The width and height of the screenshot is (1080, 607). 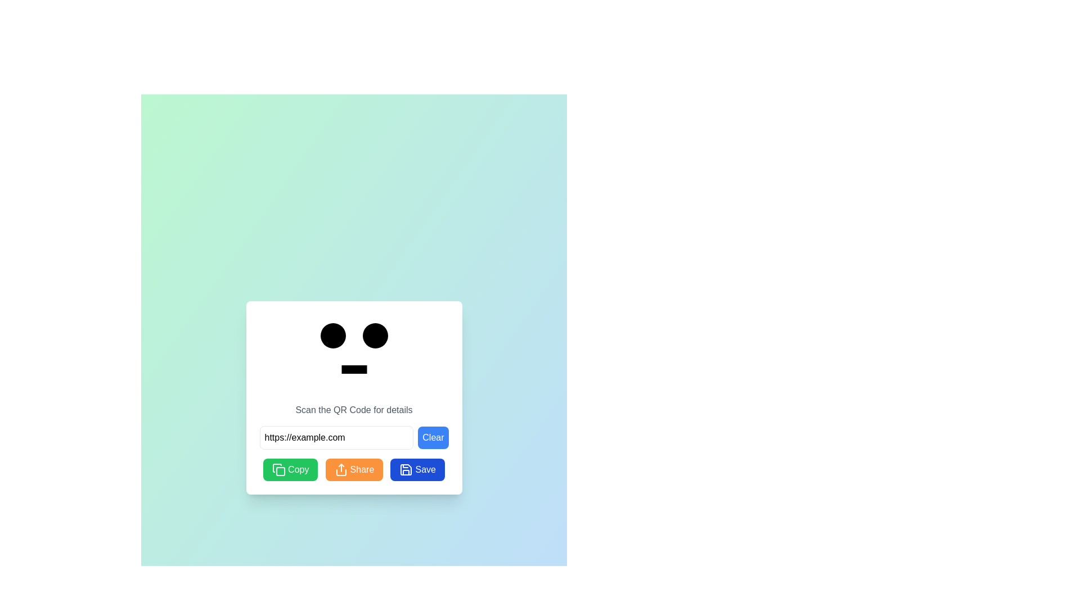 I want to click on the decorative component within the 'Copy' button icon, which is a rounded rectangle with dimensions 14x14 pixels, located on a green background, so click(x=281, y=472).